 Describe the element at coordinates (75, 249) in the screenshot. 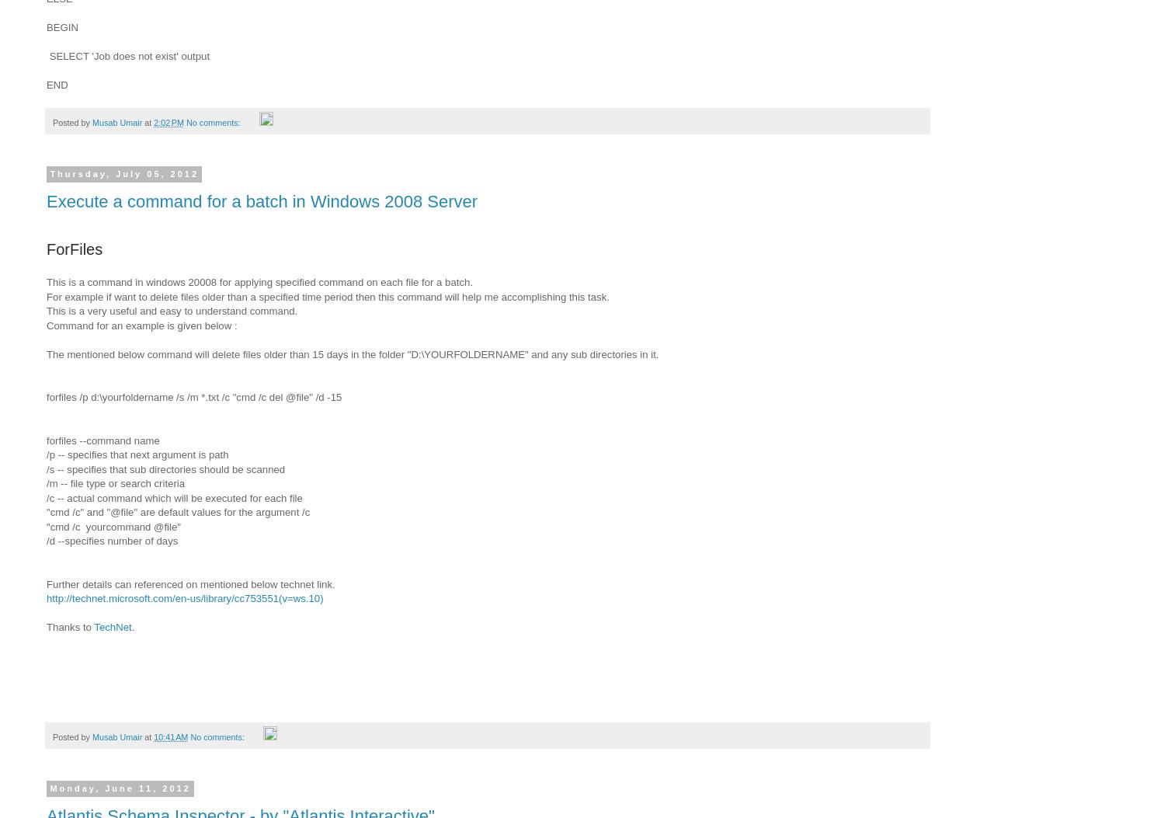

I see `'ForFiles'` at that location.